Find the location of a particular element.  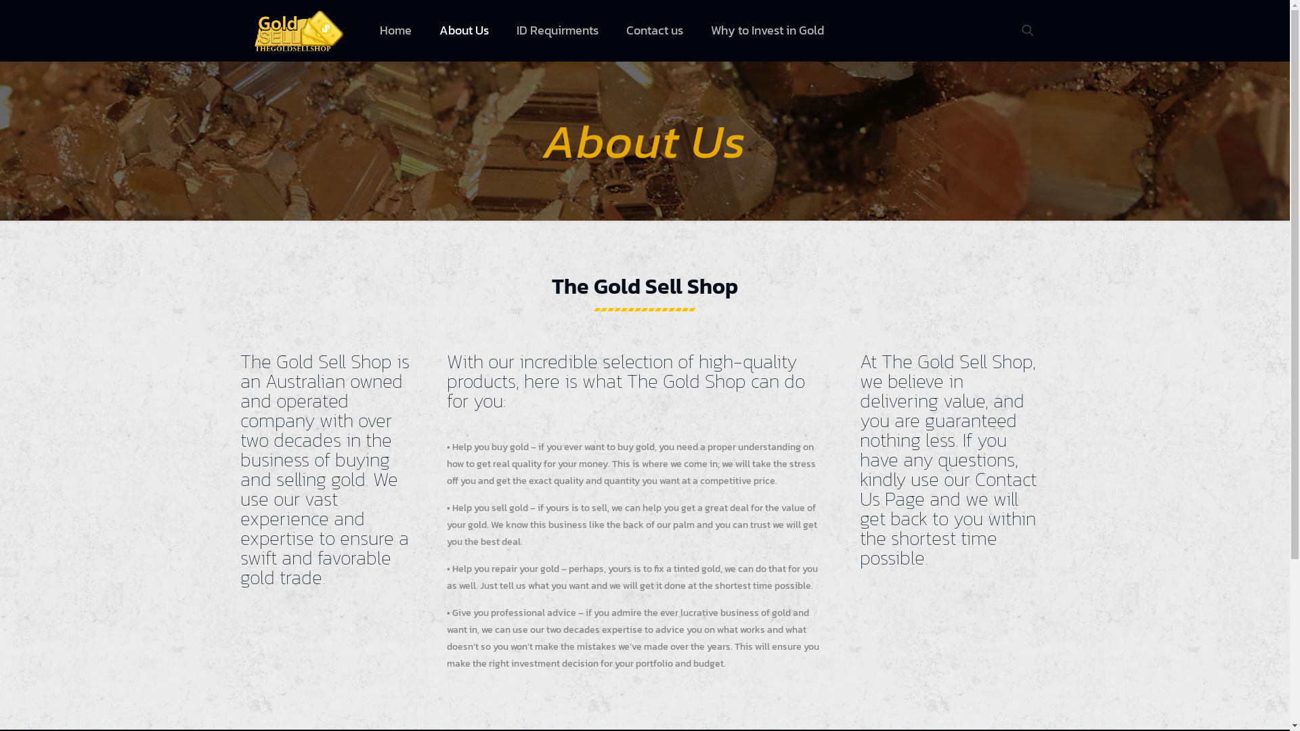

'Home' is located at coordinates (395, 30).